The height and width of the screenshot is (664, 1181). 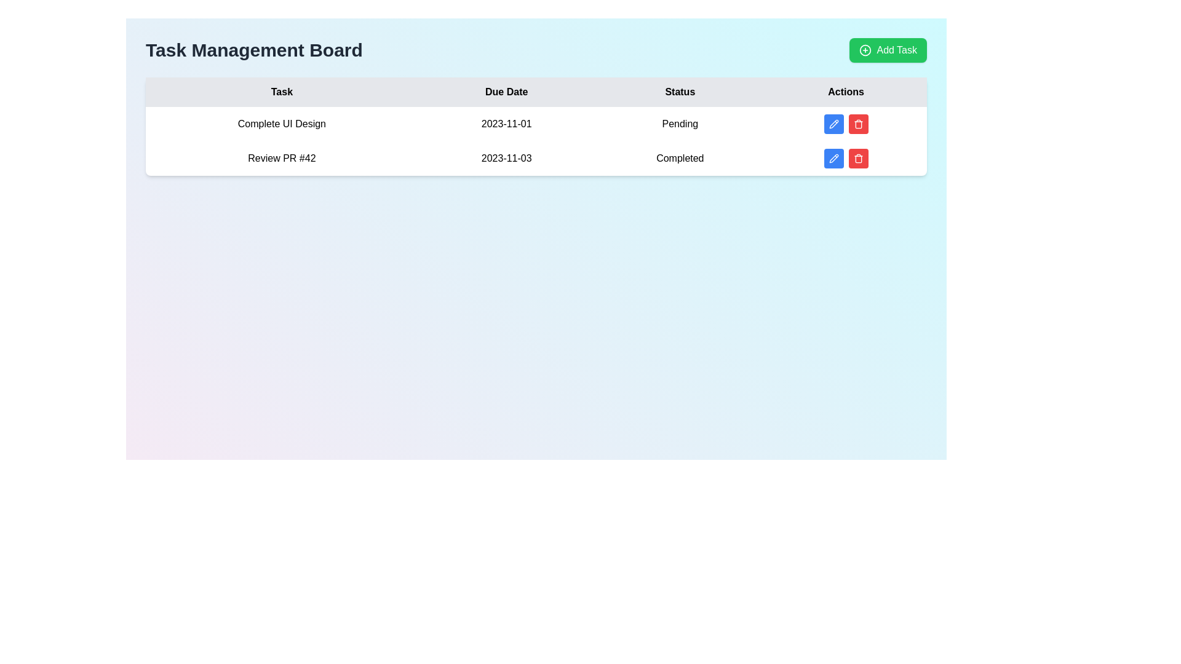 I want to click on the 'Pending' status text label in the 'Status' column for the task entry 'Complete UI Design', so click(x=679, y=124).